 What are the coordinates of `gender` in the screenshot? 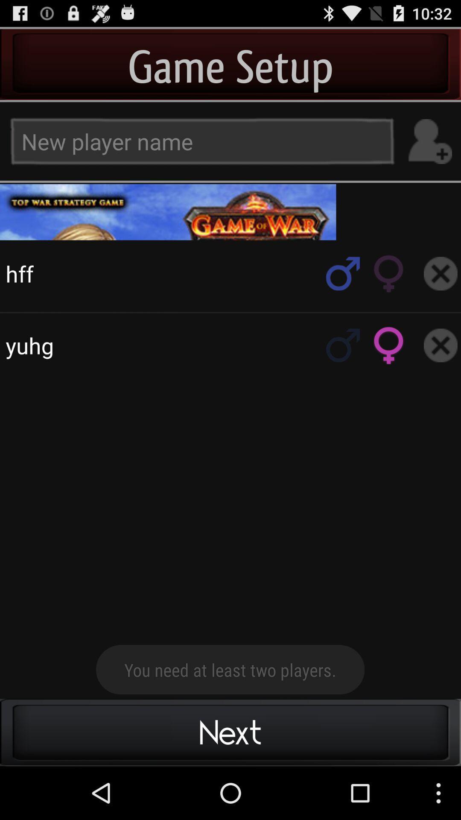 It's located at (389, 345).